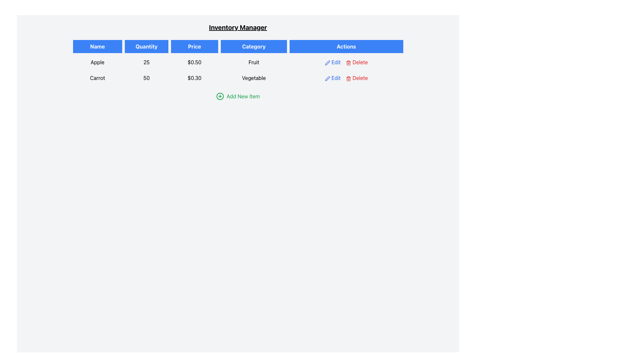 This screenshot has width=629, height=354. I want to click on the 'Delete' button in the Actions column of the first row, so click(346, 62).